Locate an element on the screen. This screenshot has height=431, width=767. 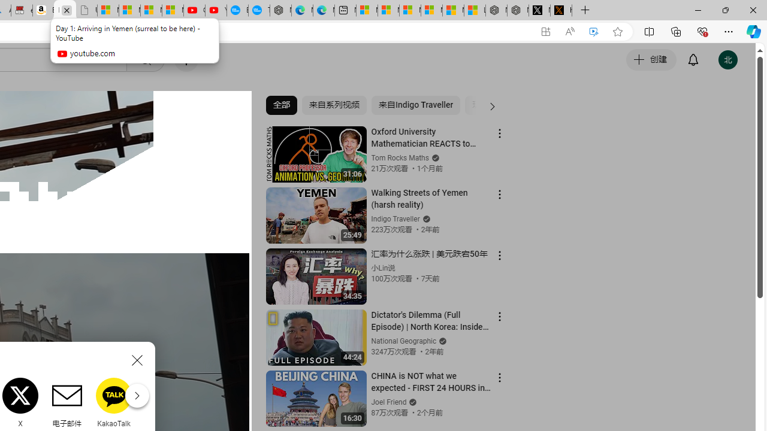
'Microsoft account | Microsoft Account Privacy Settings' is located at coordinates (388, 10).